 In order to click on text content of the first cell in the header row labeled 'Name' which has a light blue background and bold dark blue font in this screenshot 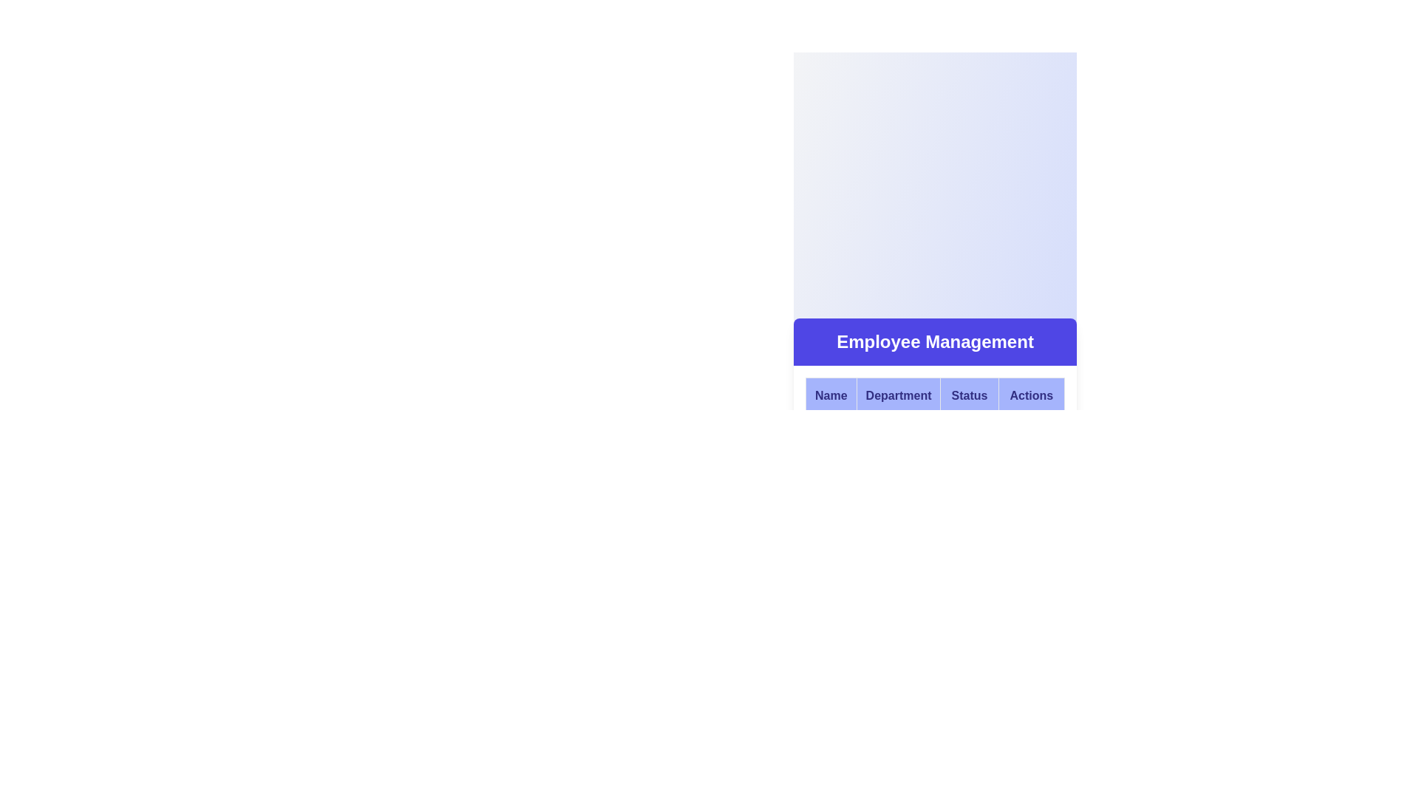, I will do `click(831, 395)`.